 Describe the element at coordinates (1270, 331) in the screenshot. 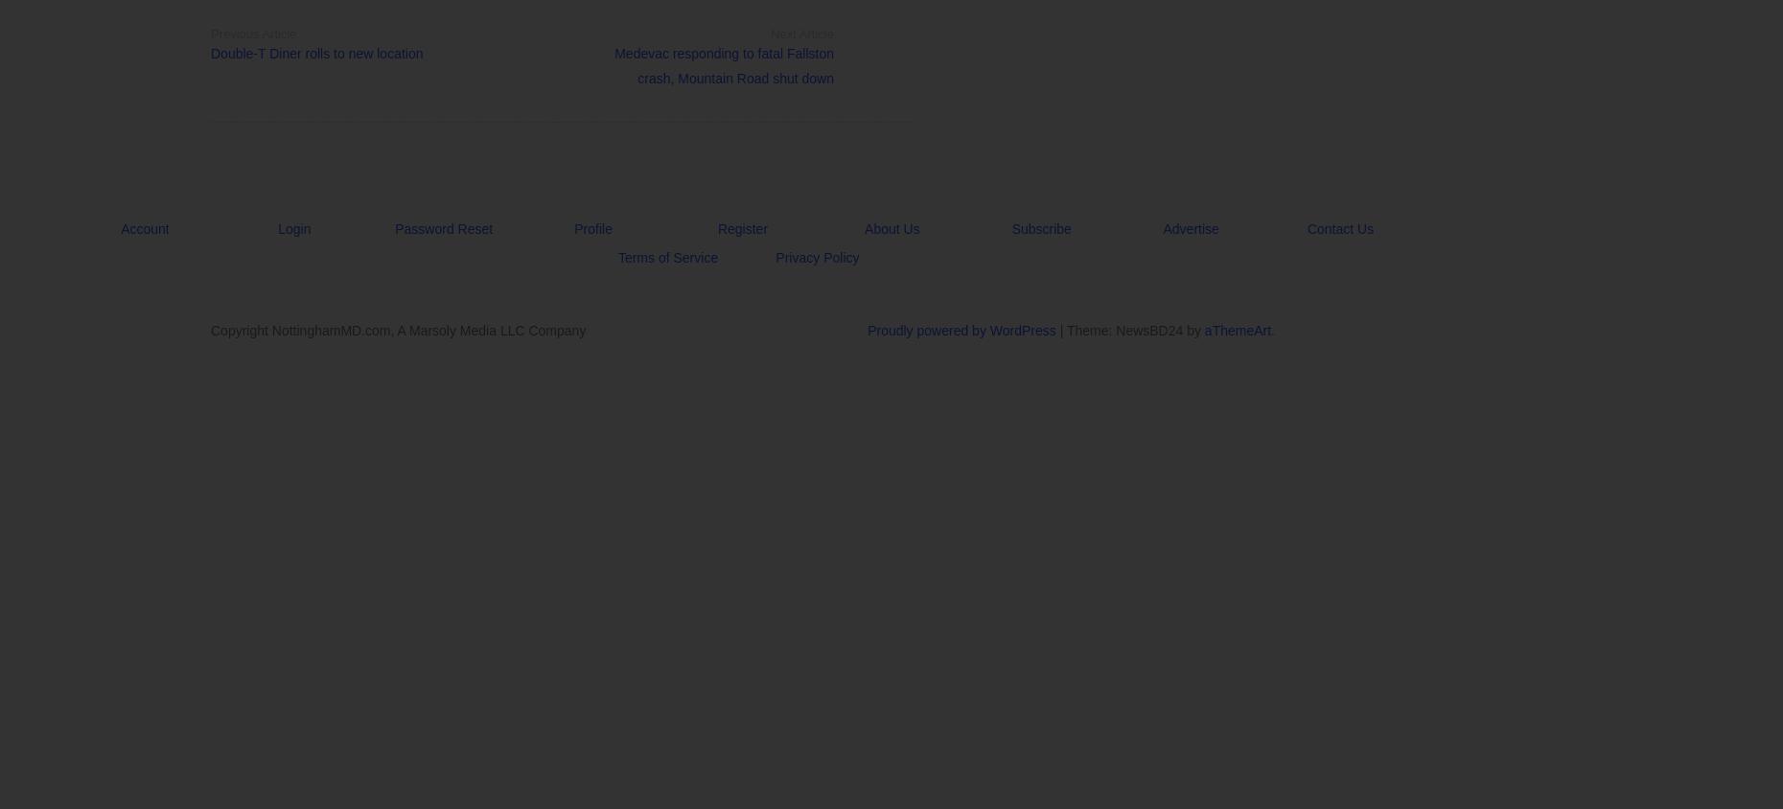

I see `'.'` at that location.